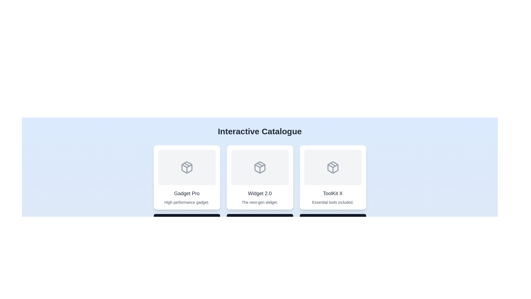 The height and width of the screenshot is (299, 531). Describe the element at coordinates (259, 167) in the screenshot. I see `the central graphic icon of the 'Widget 2.0' section, which is a gray SVG box icon located between the 'Gadget Pro' and 'ToolKit X' sections` at that location.